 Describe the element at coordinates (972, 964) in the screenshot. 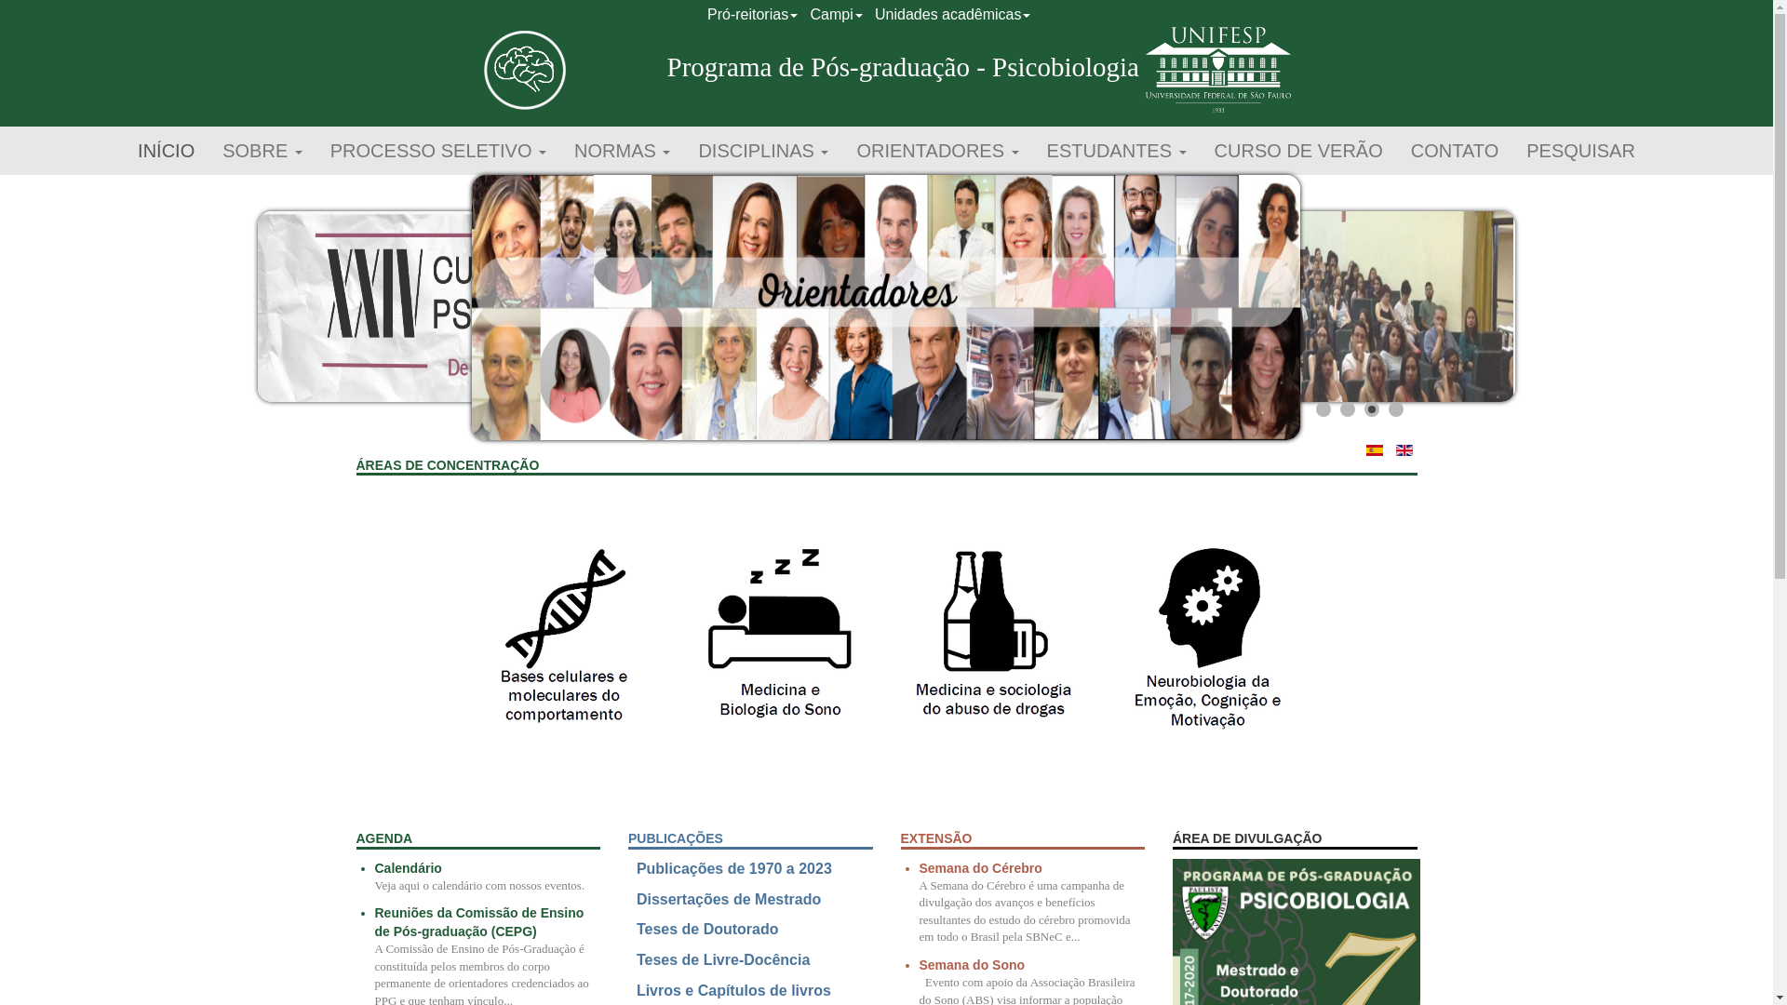

I see `'Semana do Sono'` at that location.